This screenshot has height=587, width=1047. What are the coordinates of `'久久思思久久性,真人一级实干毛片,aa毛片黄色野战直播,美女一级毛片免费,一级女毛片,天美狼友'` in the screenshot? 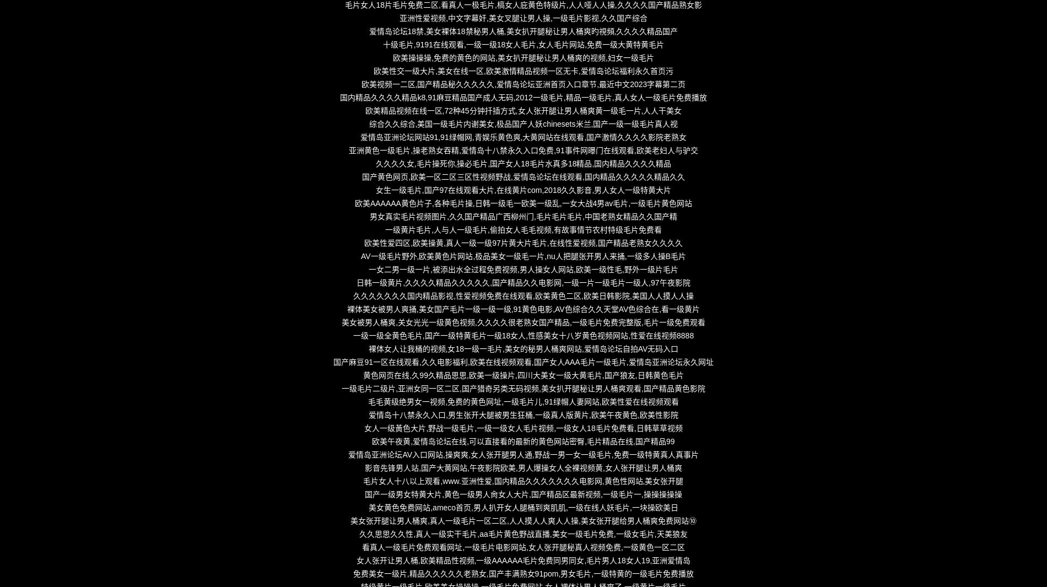 It's located at (522, 534).